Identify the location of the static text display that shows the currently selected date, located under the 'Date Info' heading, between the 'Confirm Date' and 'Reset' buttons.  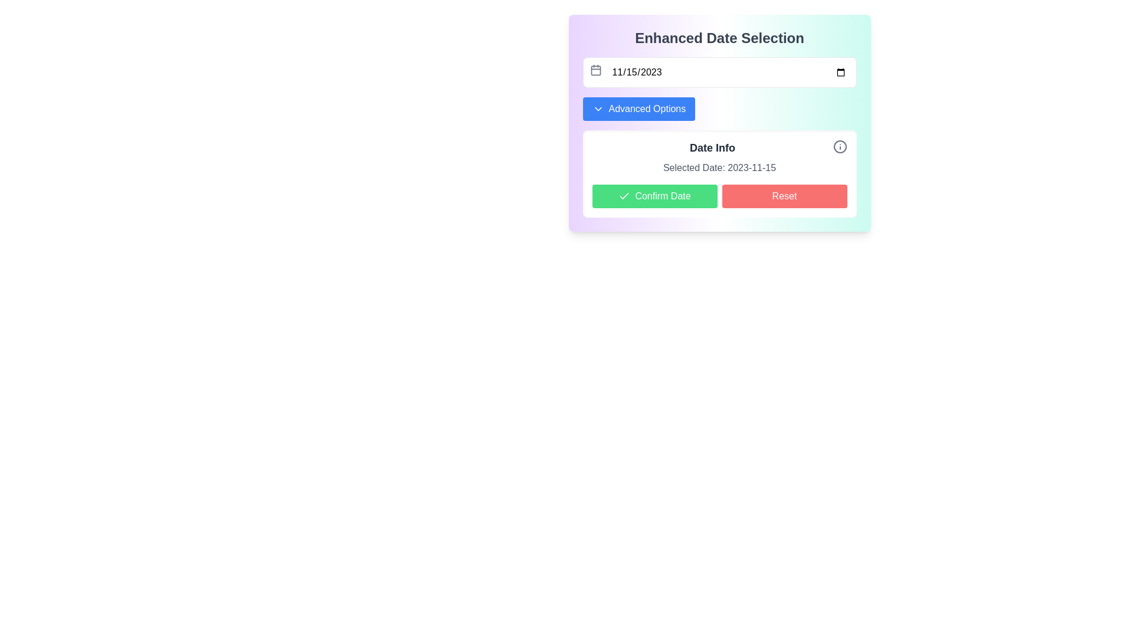
(719, 168).